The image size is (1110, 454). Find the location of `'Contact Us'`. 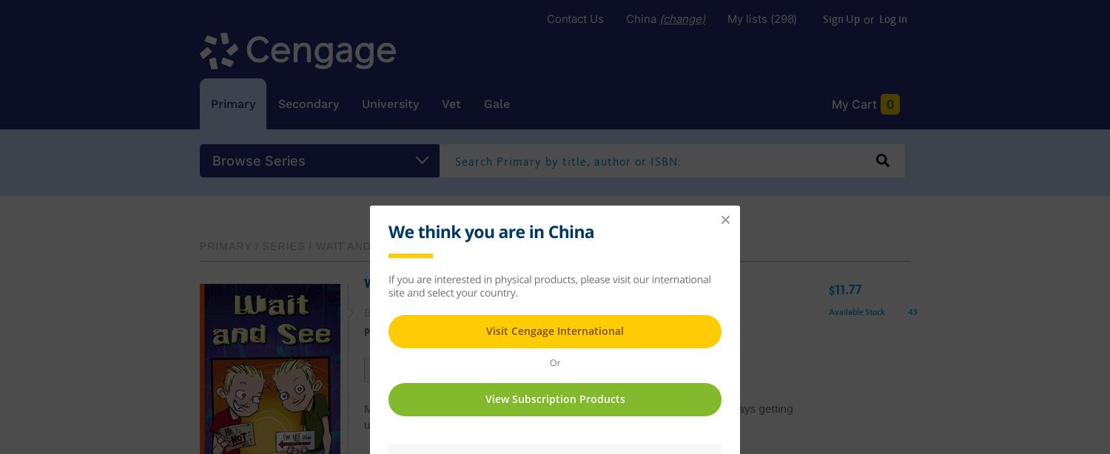

'Contact Us' is located at coordinates (575, 18).